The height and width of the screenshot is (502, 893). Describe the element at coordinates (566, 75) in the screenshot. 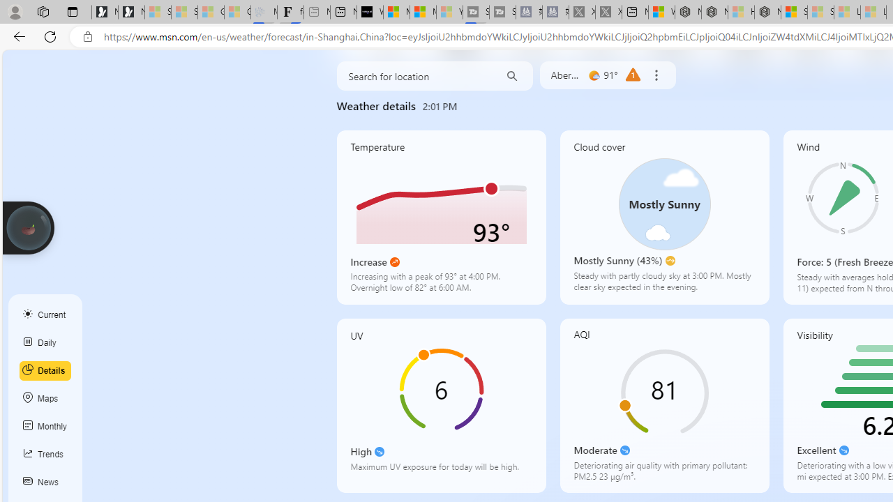

I see `'Aberdeen'` at that location.